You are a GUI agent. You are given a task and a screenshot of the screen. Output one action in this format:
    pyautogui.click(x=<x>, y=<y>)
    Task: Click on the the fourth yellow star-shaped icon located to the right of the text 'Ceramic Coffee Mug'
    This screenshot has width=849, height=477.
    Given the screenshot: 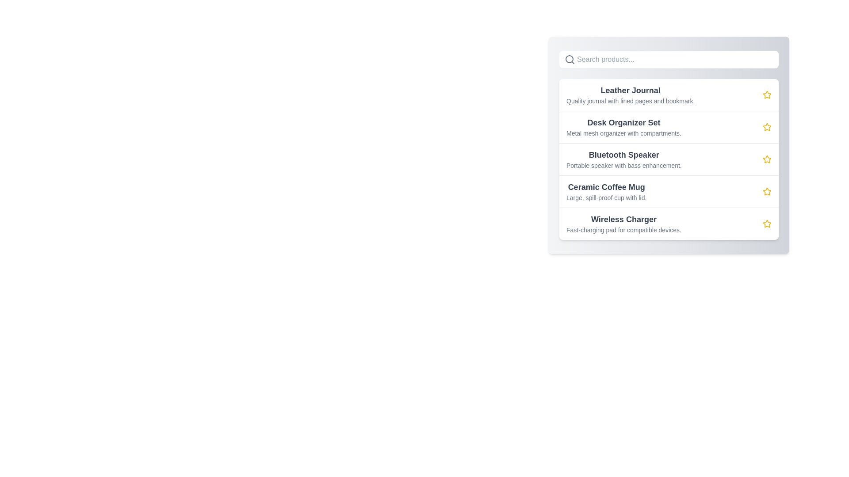 What is the action you would take?
    pyautogui.click(x=766, y=191)
    